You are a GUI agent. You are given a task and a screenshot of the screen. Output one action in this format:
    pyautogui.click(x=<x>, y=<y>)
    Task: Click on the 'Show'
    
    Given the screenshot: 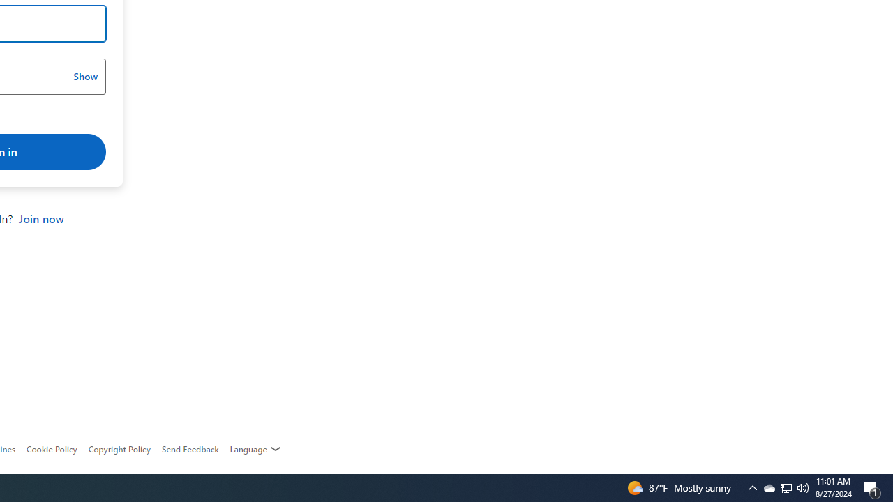 What is the action you would take?
    pyautogui.click(x=84, y=77)
    